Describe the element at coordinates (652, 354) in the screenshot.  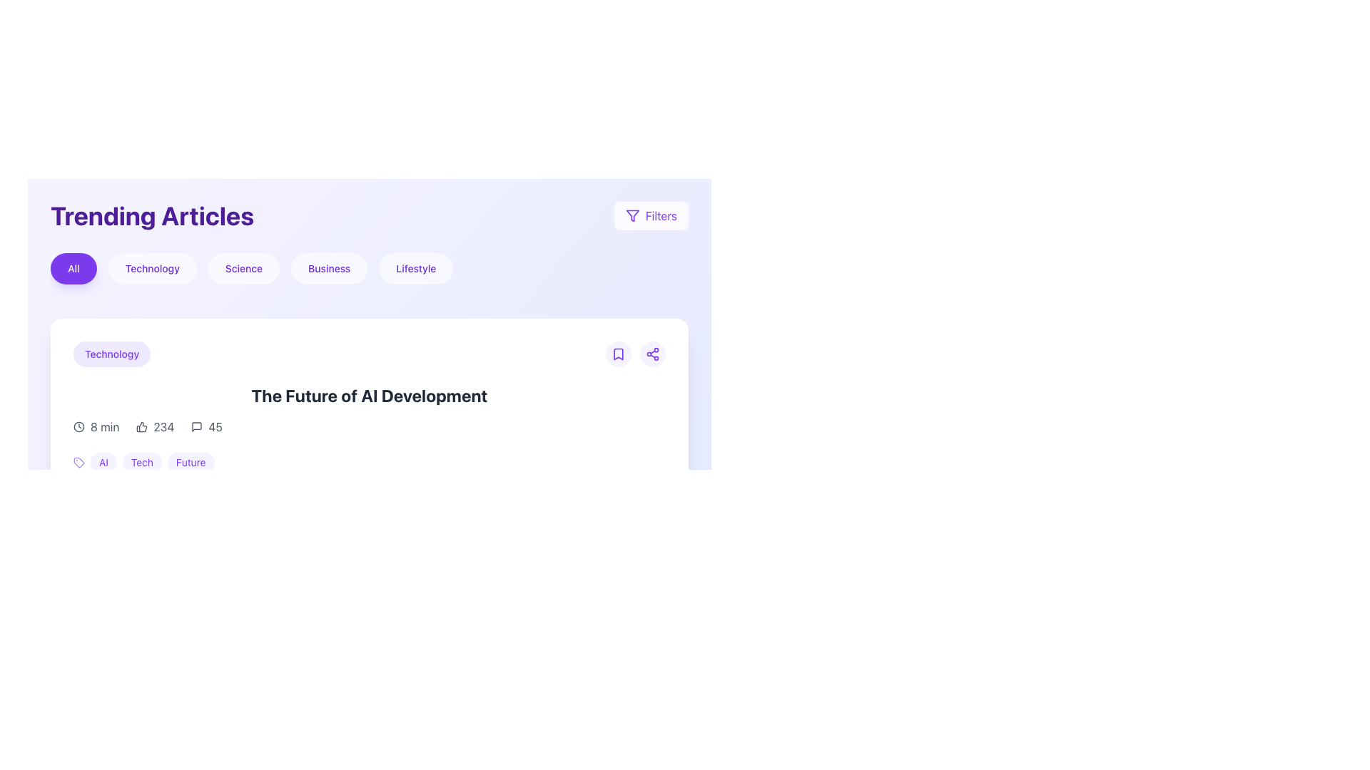
I see `the share icon located at the top-right corner of the card, next to the bookmark icon, to share the content` at that location.